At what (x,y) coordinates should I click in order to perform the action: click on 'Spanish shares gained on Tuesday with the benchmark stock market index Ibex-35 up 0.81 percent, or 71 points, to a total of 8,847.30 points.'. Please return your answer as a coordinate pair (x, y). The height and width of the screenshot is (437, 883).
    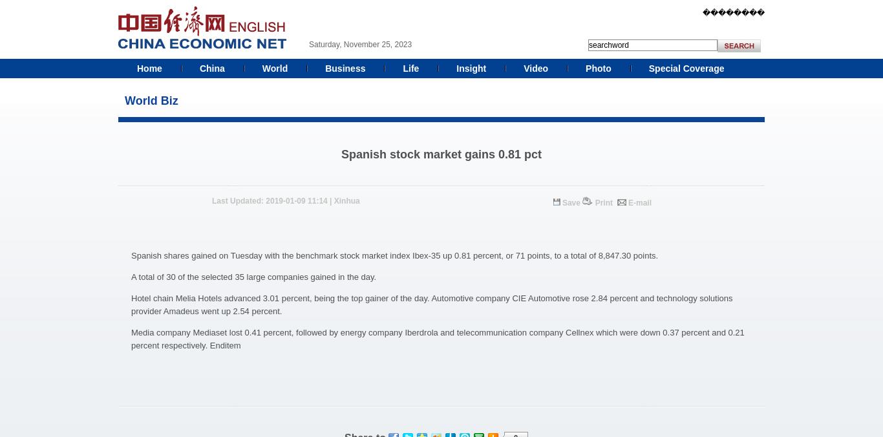
    Looking at the image, I should click on (394, 255).